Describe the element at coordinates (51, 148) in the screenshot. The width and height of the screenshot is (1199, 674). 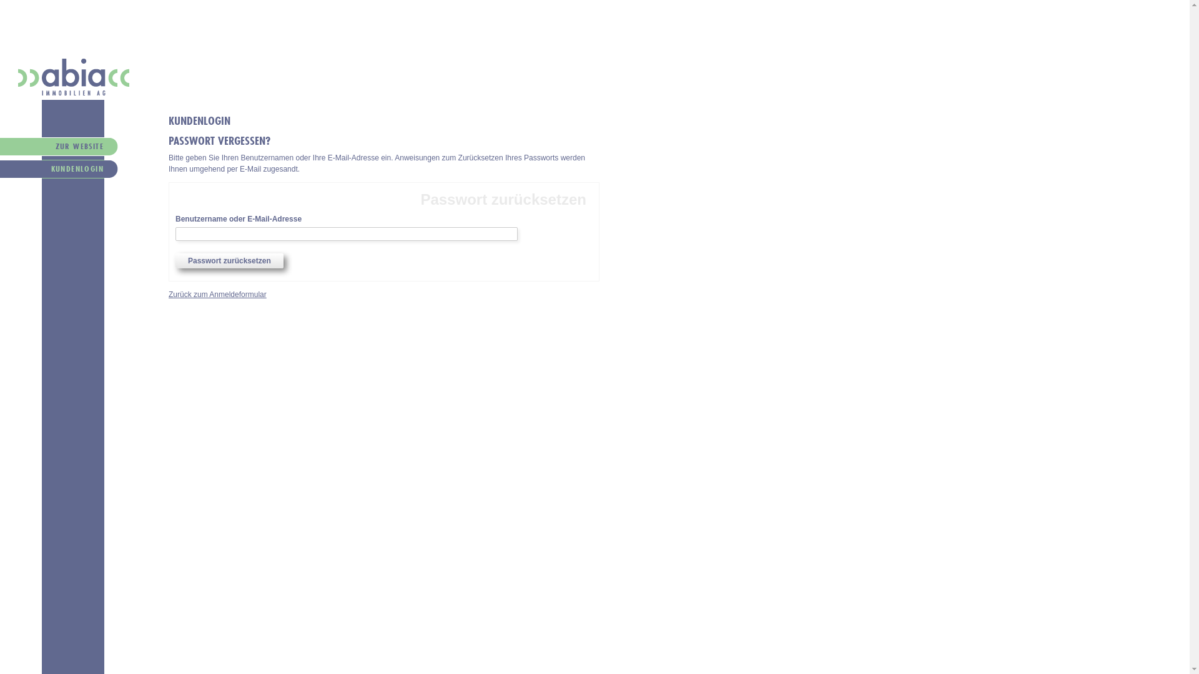
I see `'ZUR WEBSITE'` at that location.